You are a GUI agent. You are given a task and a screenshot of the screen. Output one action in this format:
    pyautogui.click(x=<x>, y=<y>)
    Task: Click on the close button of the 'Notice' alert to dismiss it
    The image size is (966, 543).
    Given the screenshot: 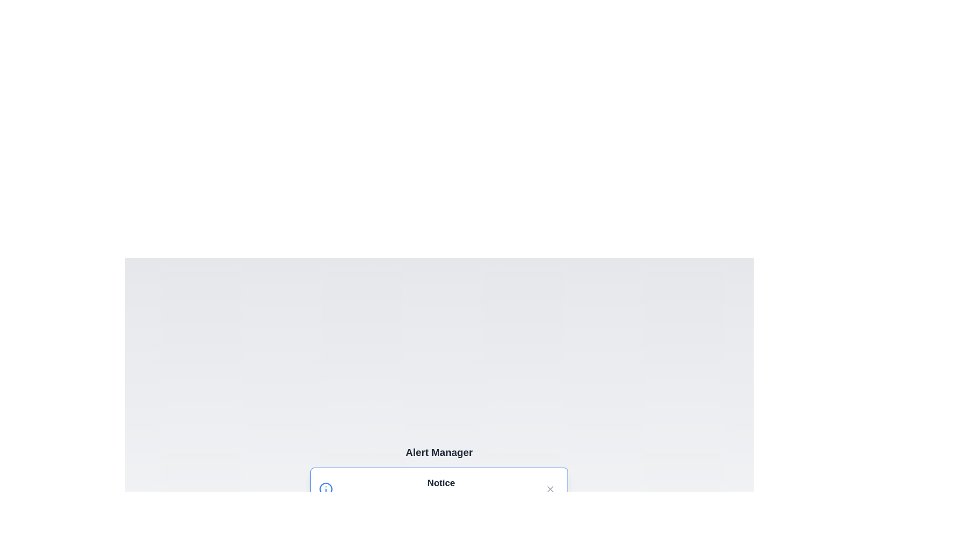 What is the action you would take?
    pyautogui.click(x=550, y=488)
    